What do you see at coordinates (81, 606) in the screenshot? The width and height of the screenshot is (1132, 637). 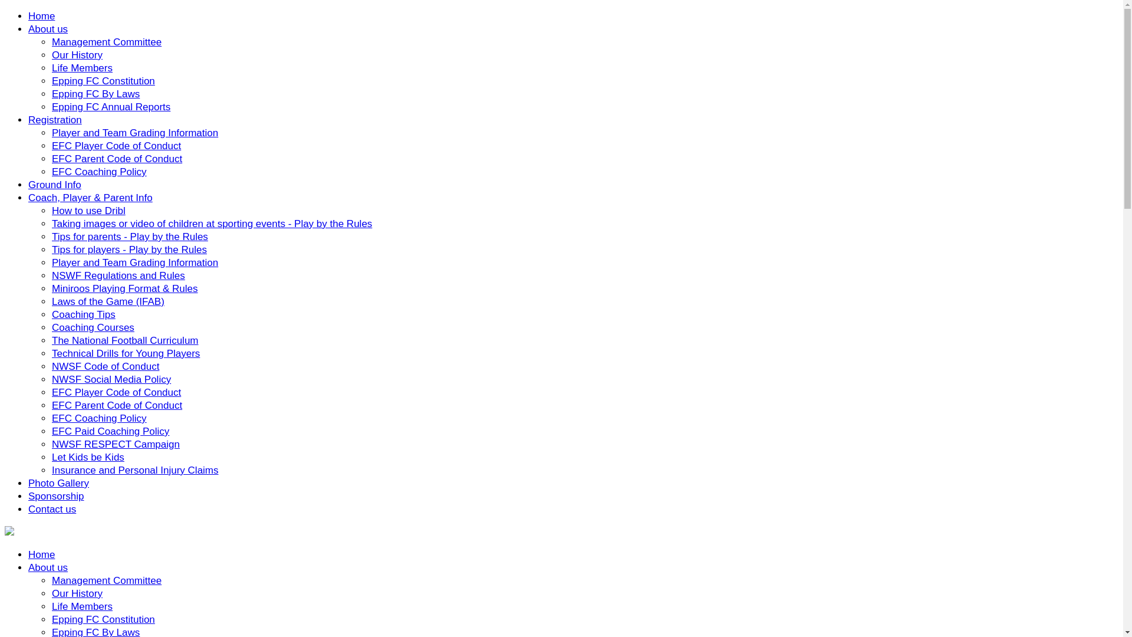 I see `'Life Members'` at bounding box center [81, 606].